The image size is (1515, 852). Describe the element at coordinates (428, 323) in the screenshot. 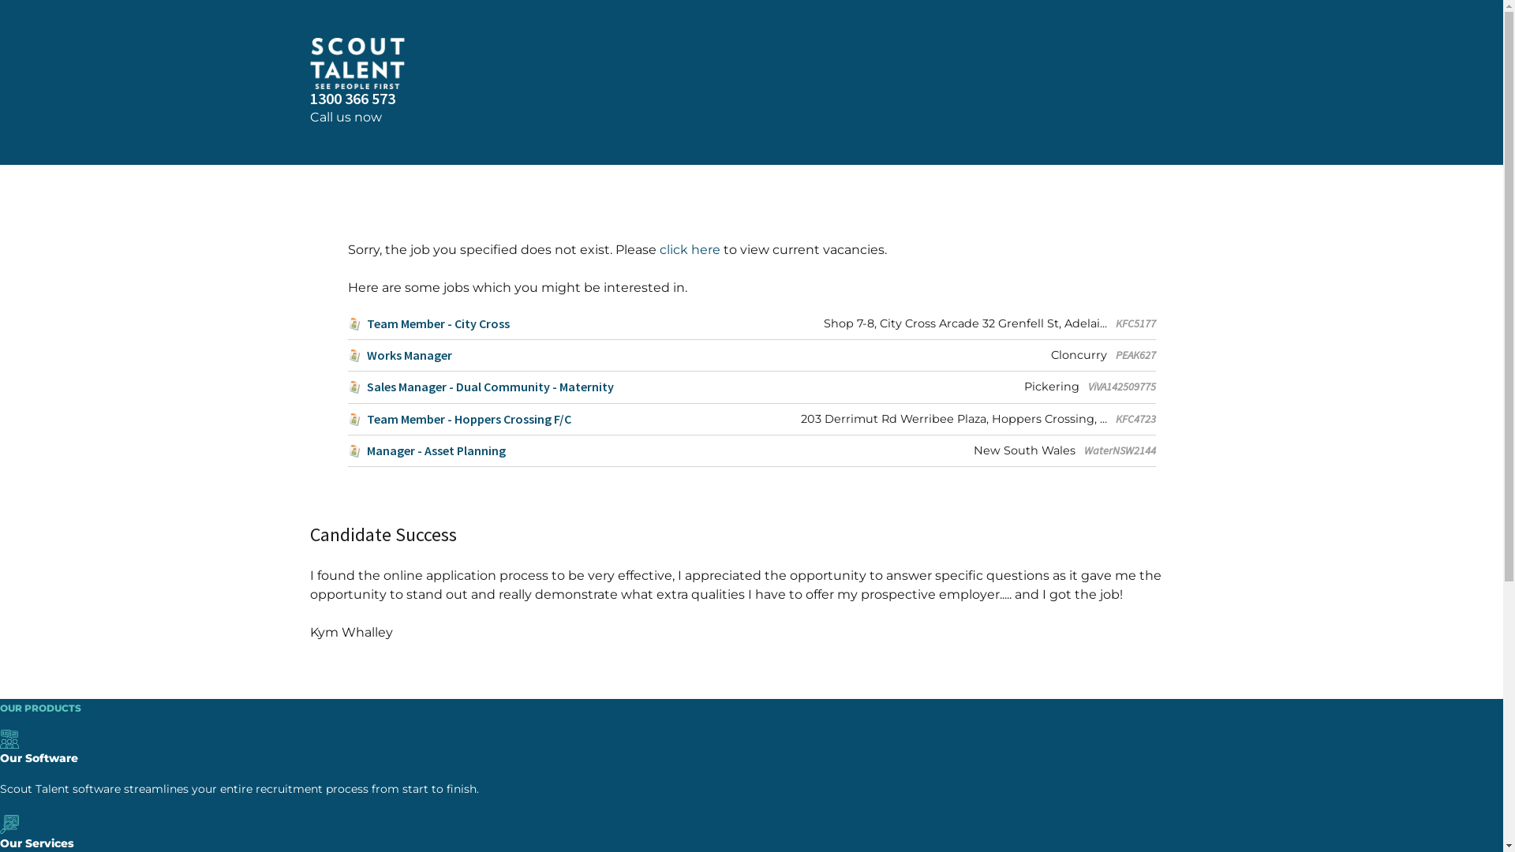

I see `'Team Member - City Cross'` at that location.